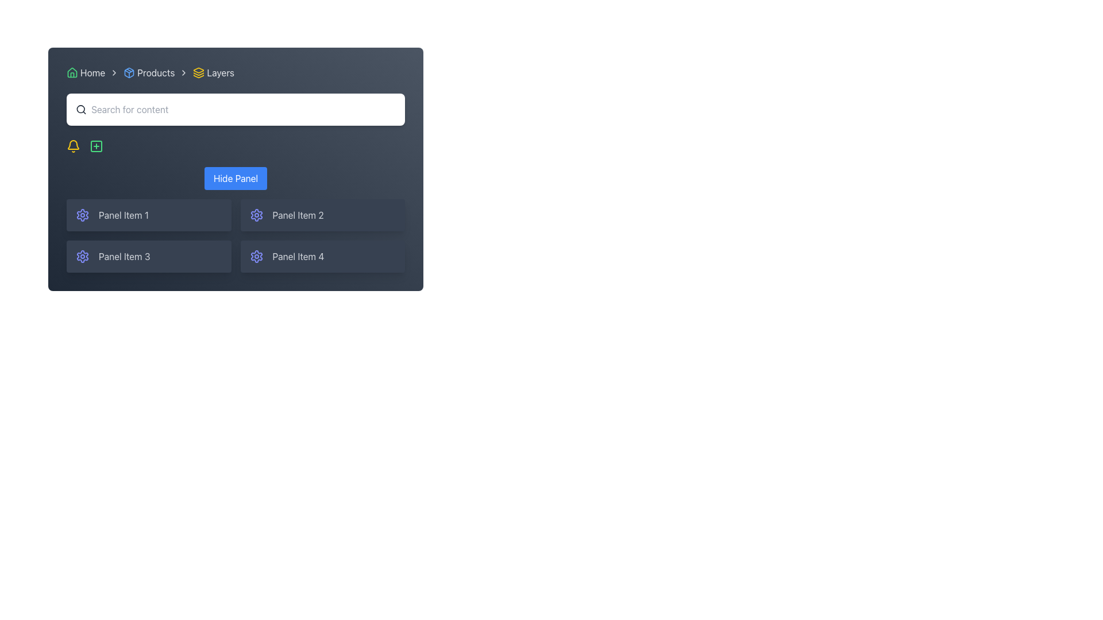 Image resolution: width=1103 pixels, height=620 pixels. Describe the element at coordinates (221, 73) in the screenshot. I see `the 'Layers' label in the breadcrumb navigation system, which indicates the current page or section and is positioned to the right of the corresponding icon` at that location.